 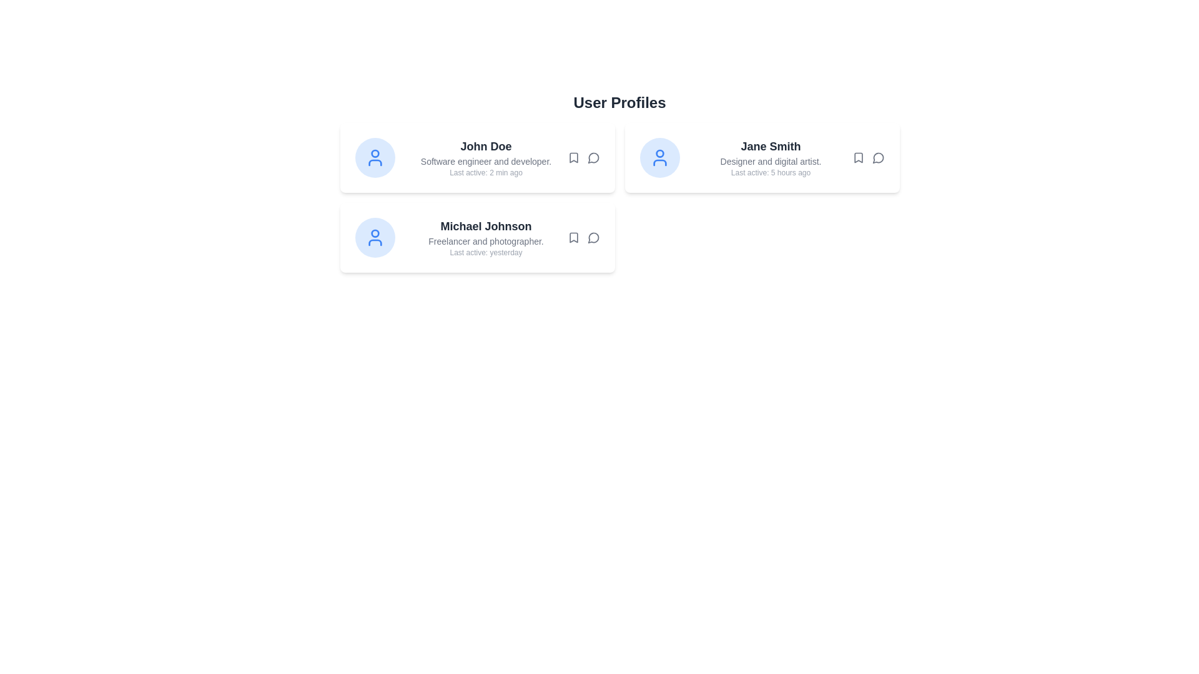 I want to click on information displayed in the text component of the user profile card located in the top-right section of the grid, which includes the user's name, profession, and recent activity timestamp, so click(x=770, y=157).